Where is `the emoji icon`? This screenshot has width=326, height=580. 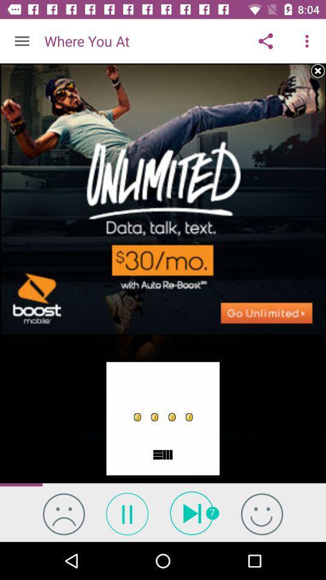 the emoji icon is located at coordinates (261, 513).